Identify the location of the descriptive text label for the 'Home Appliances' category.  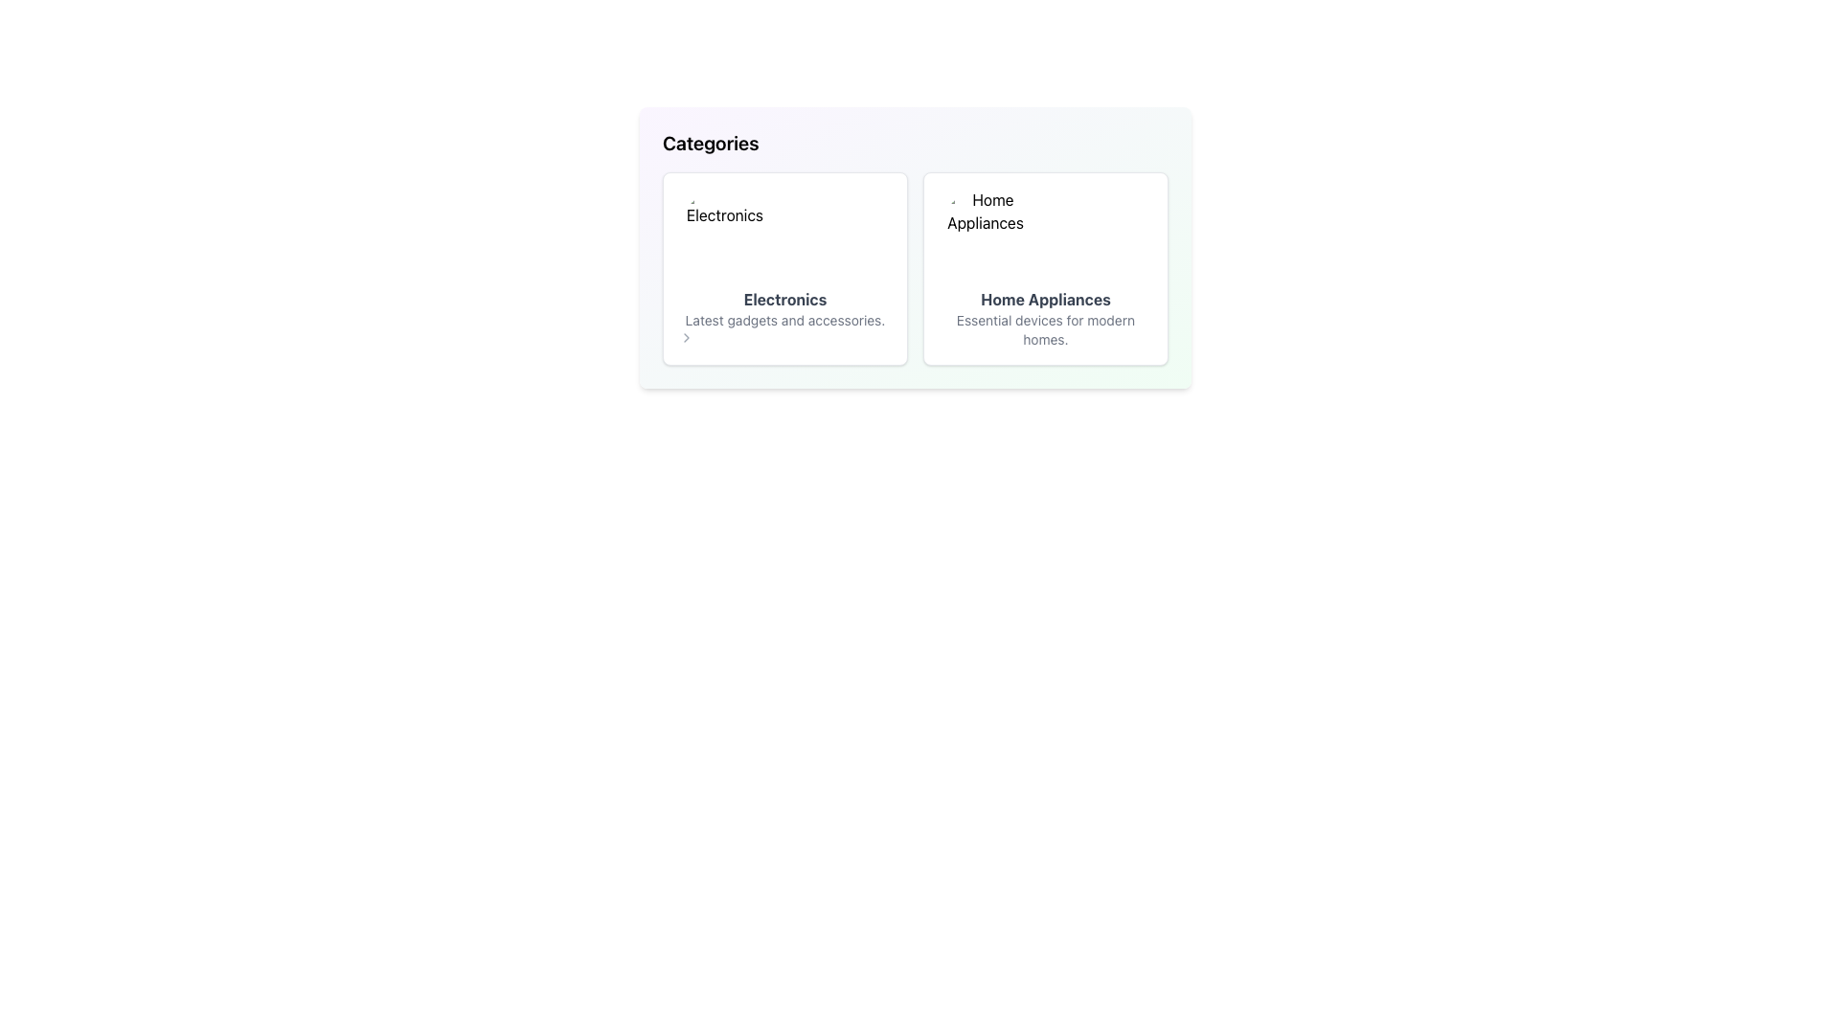
(1044, 328).